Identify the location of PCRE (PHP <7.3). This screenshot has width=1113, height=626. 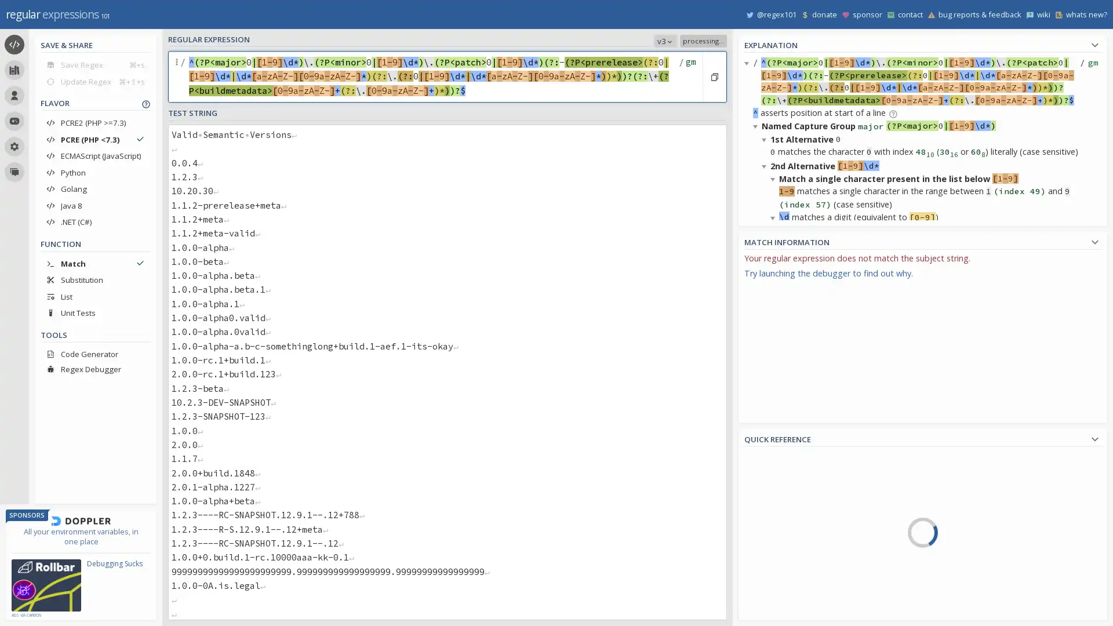
(95, 139).